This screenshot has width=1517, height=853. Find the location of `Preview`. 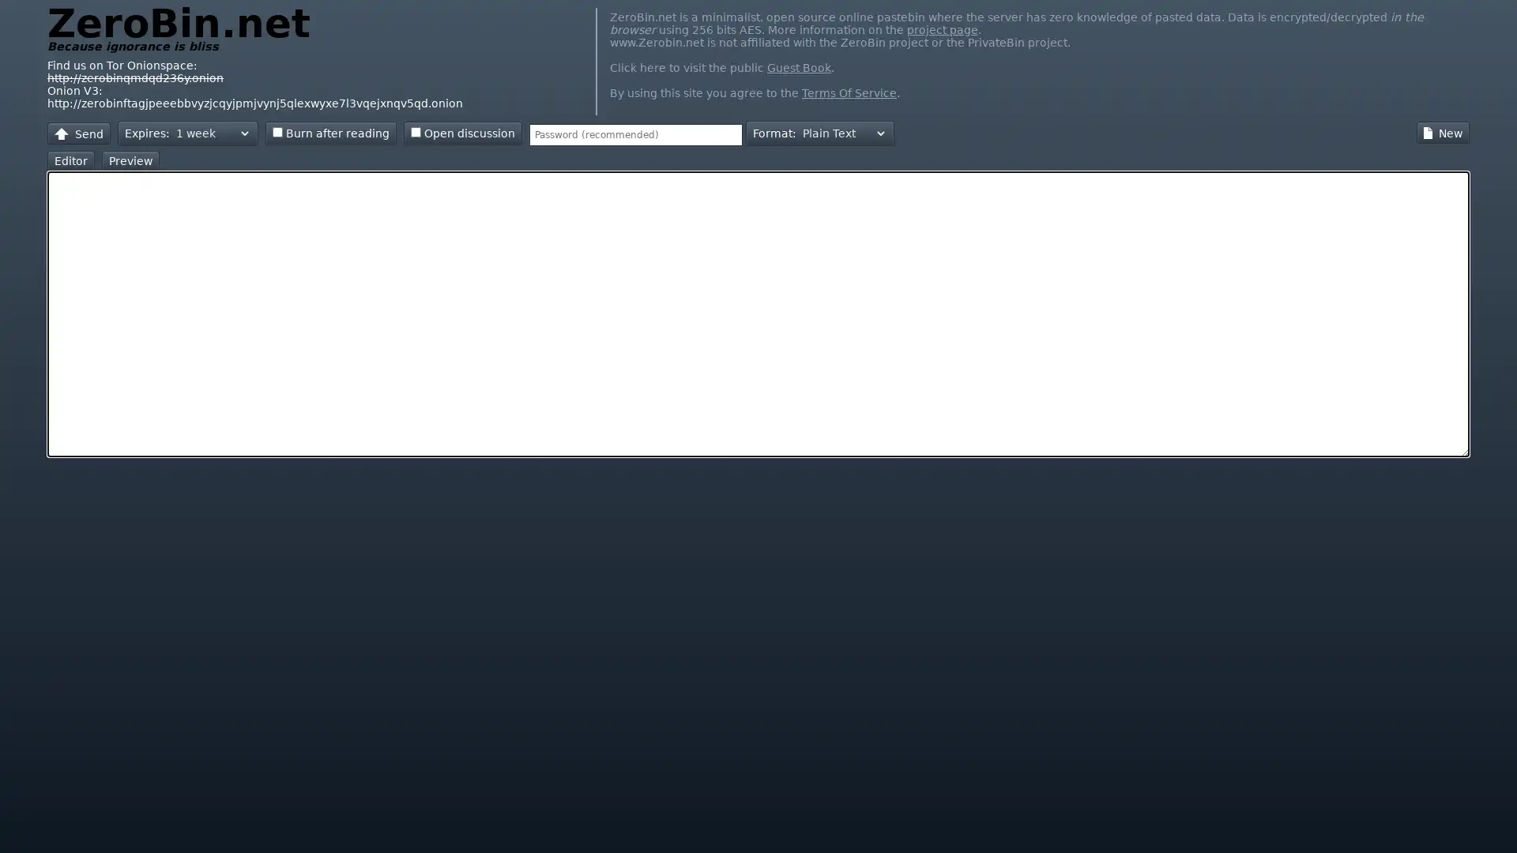

Preview is located at coordinates (130, 161).